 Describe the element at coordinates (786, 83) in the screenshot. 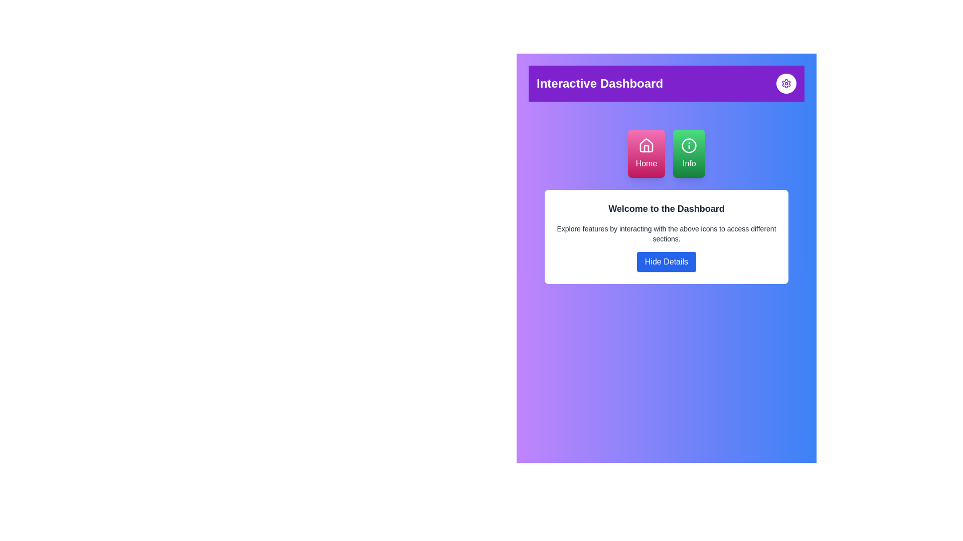

I see `the gear-shaped settings icon located at the top-right of the header section, which is purple and centered within a circular area` at that location.